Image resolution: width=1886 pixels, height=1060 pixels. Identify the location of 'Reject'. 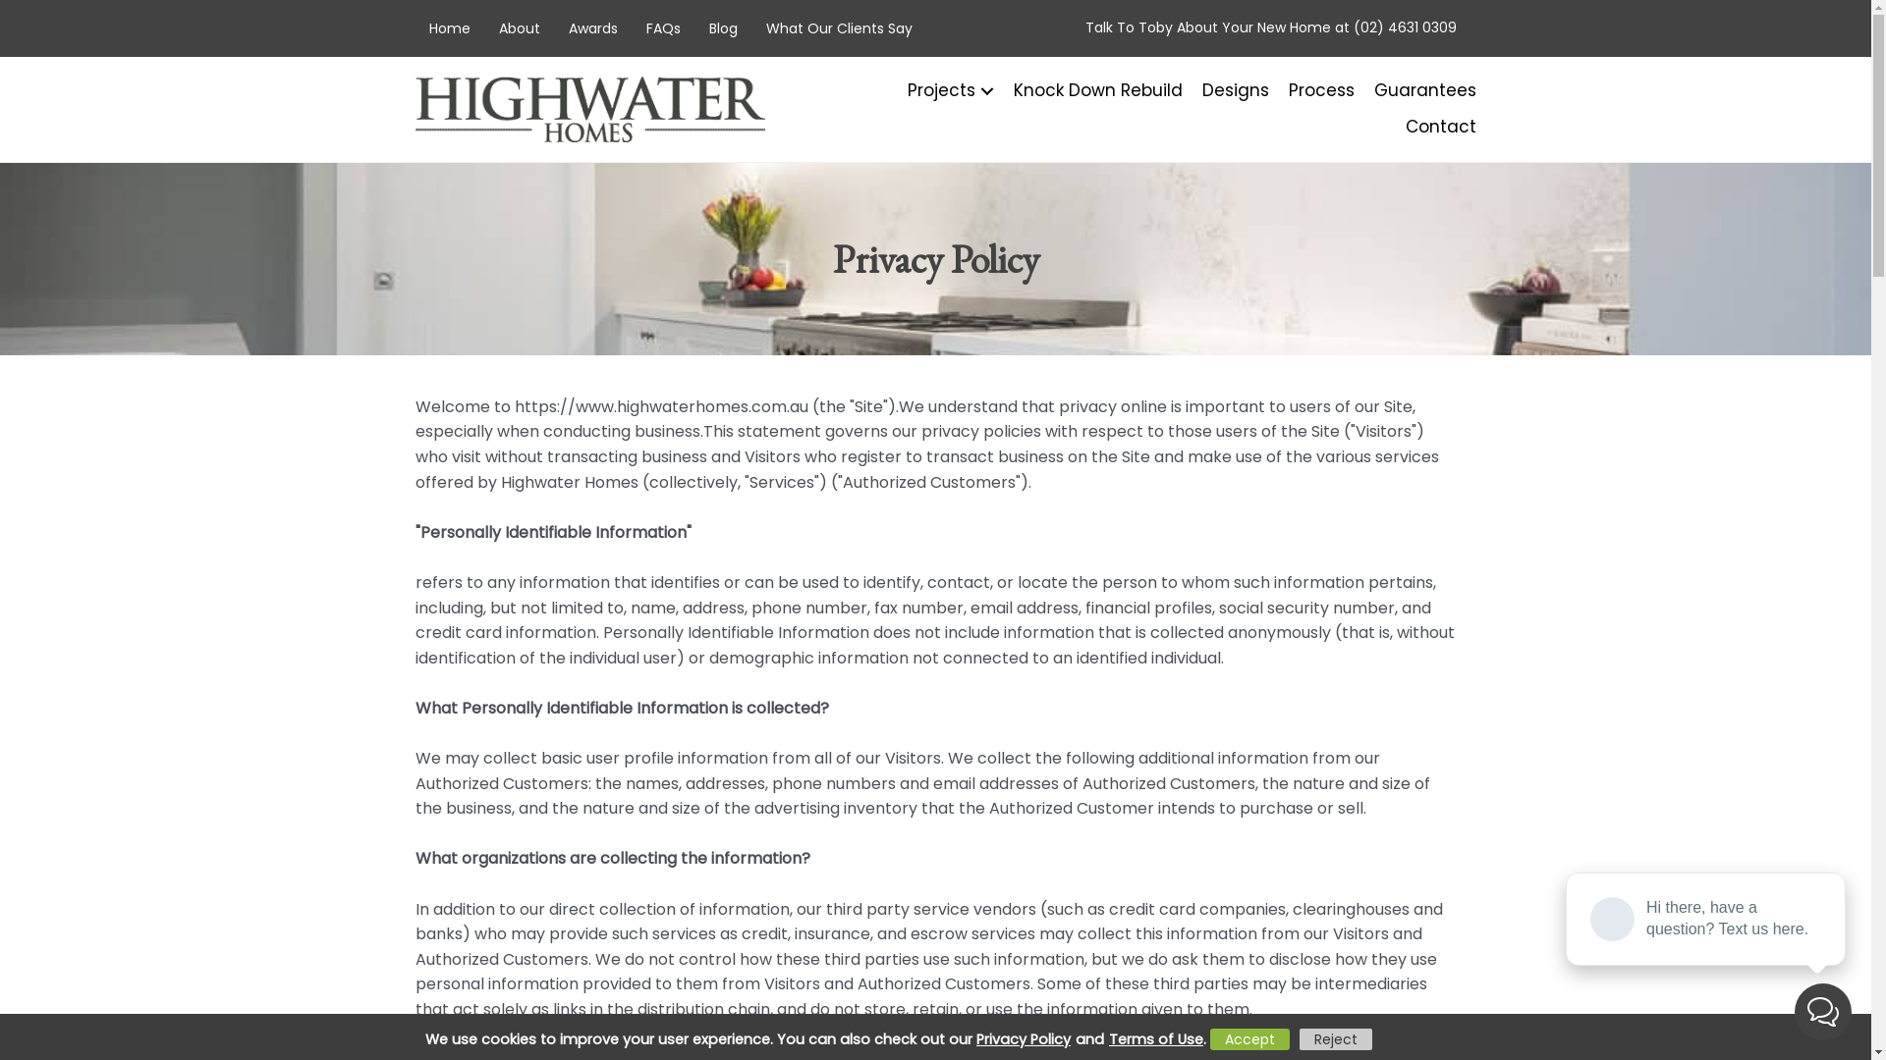
(1335, 1038).